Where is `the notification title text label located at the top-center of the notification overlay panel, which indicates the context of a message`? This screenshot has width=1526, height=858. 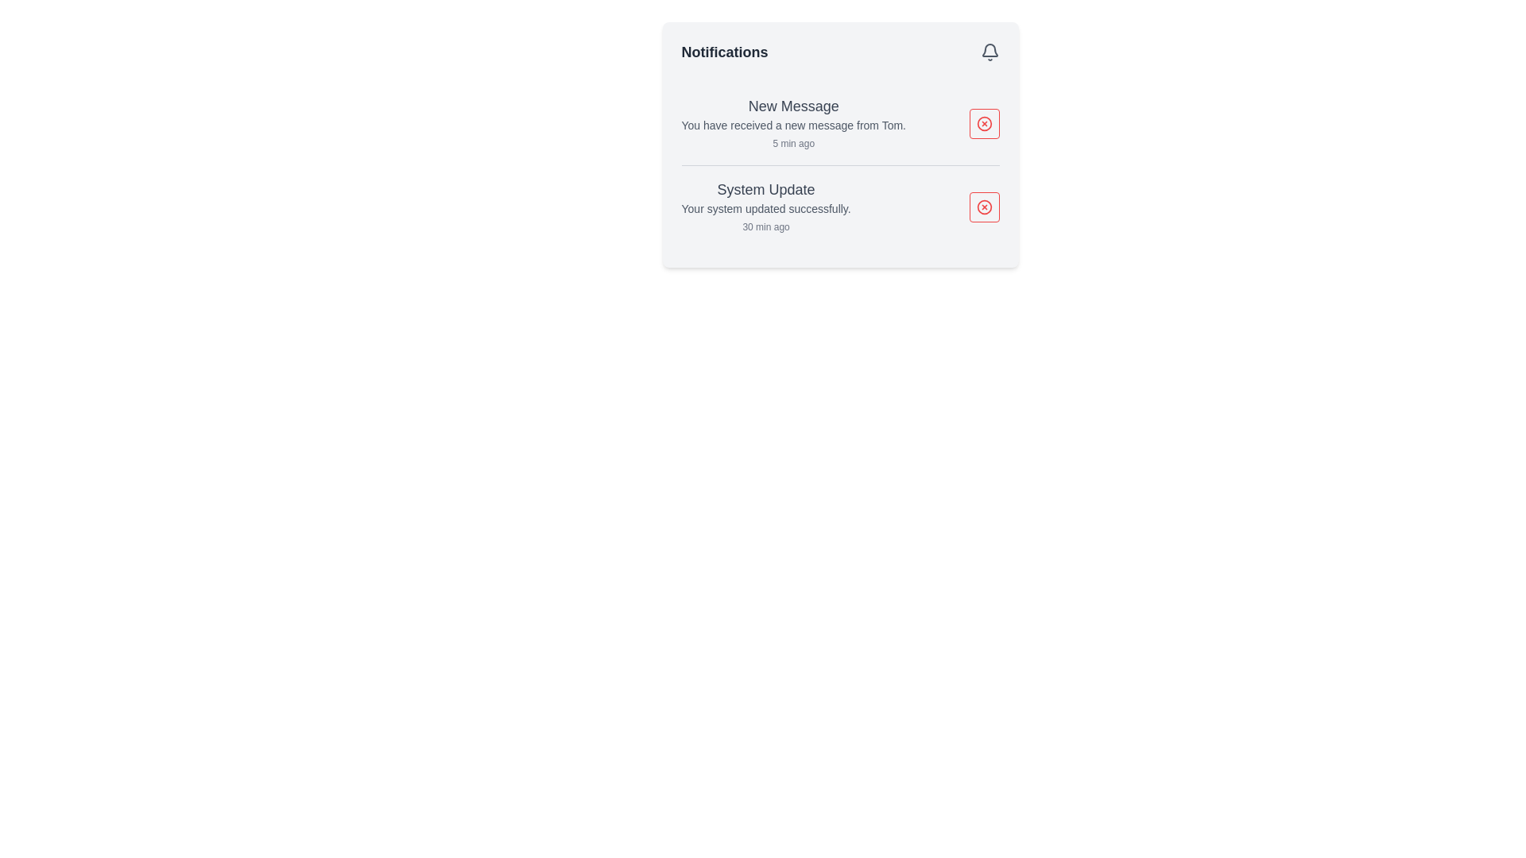
the notification title text label located at the top-center of the notification overlay panel, which indicates the context of a message is located at coordinates (793, 106).